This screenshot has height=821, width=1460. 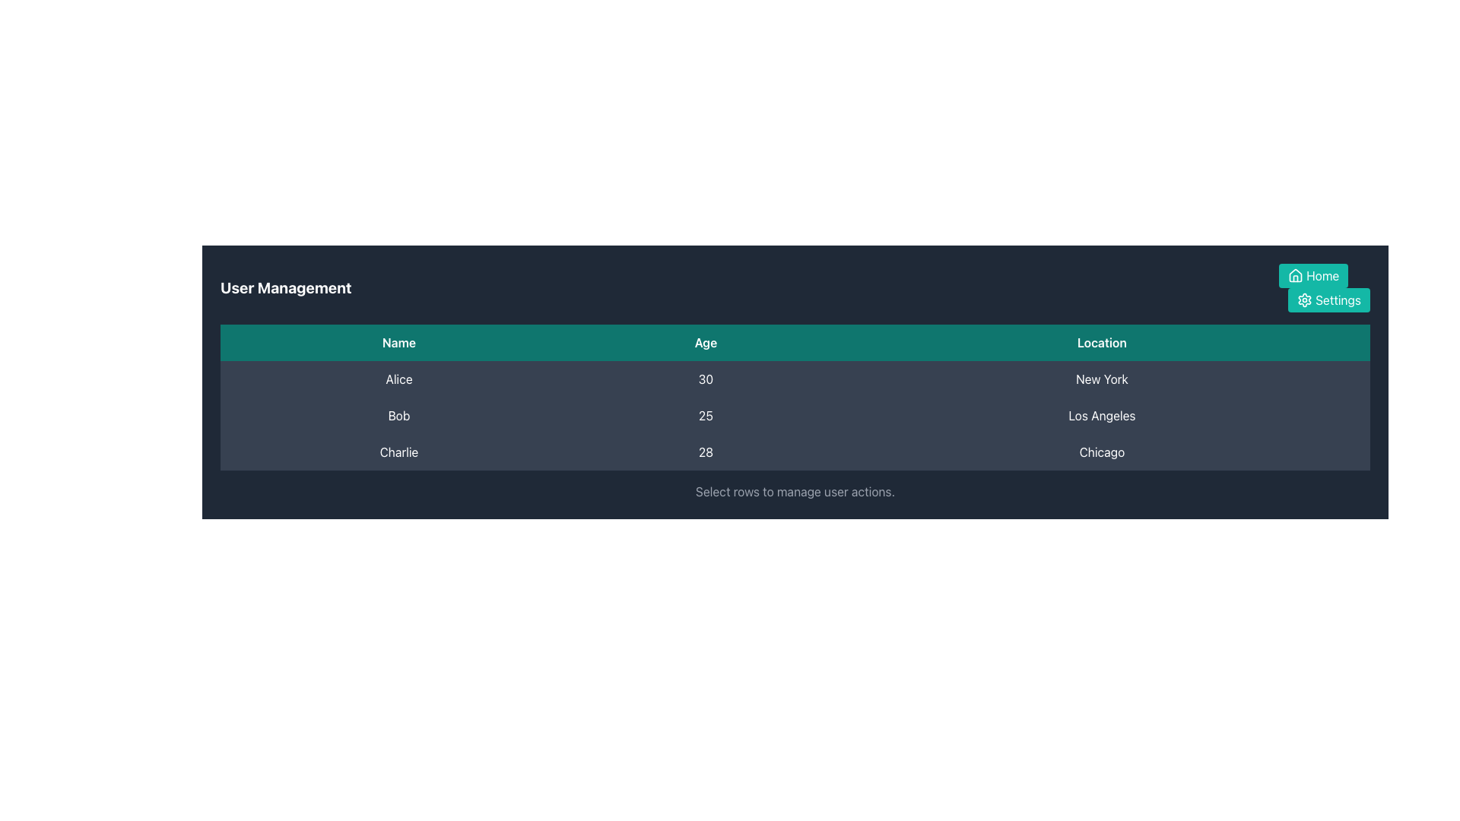 I want to click on text content of the label displaying the name 'Charlie', located in the leftmost column of the third row under the 'Name' column, so click(x=398, y=451).